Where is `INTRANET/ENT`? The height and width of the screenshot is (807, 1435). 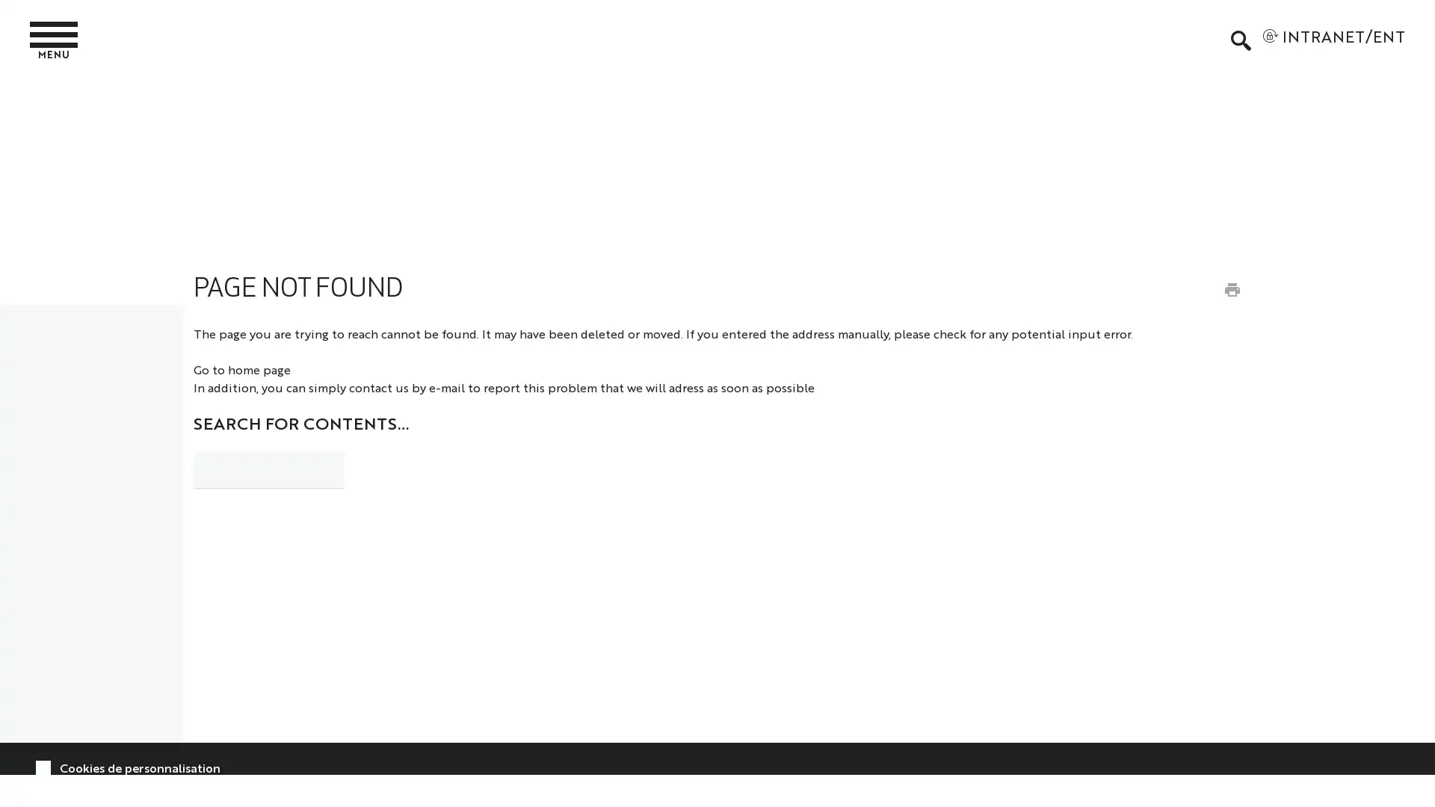
INTRANET/ENT is located at coordinates (1333, 40).